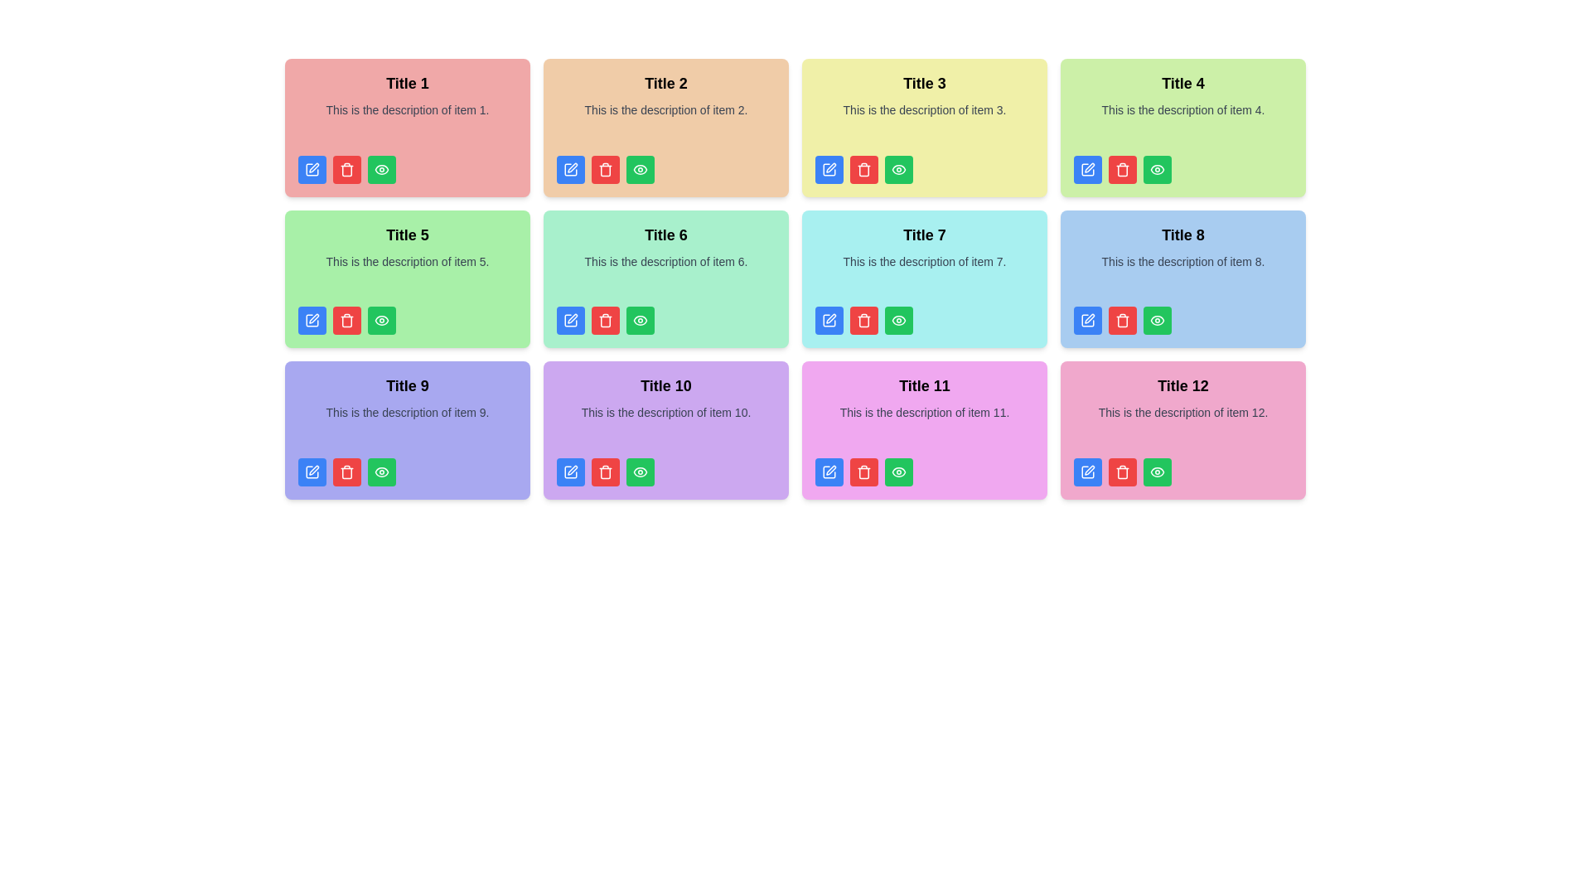 This screenshot has width=1591, height=895. What do you see at coordinates (1088, 169) in the screenshot?
I see `the small rectangular blue button with a white pen icon in the 'Title 4' card component to change its background color` at bounding box center [1088, 169].